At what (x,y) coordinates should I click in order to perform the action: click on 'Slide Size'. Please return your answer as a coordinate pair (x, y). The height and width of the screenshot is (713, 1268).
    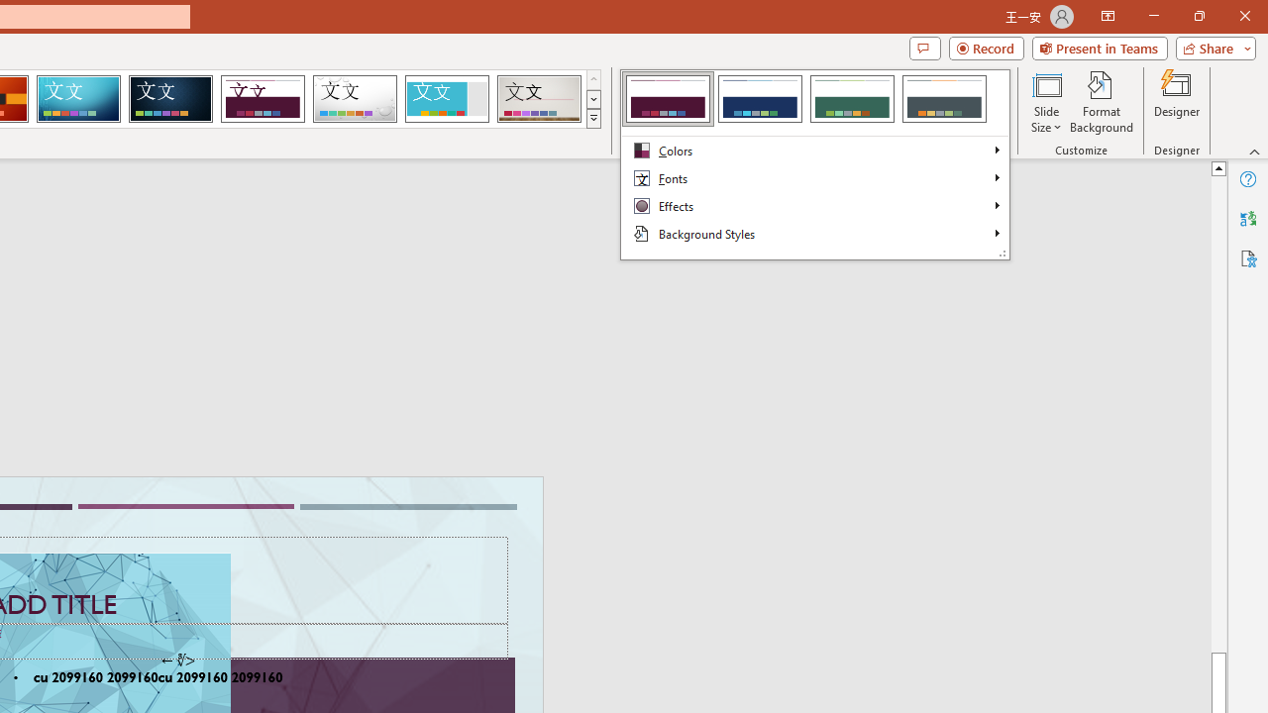
    Looking at the image, I should click on (1045, 102).